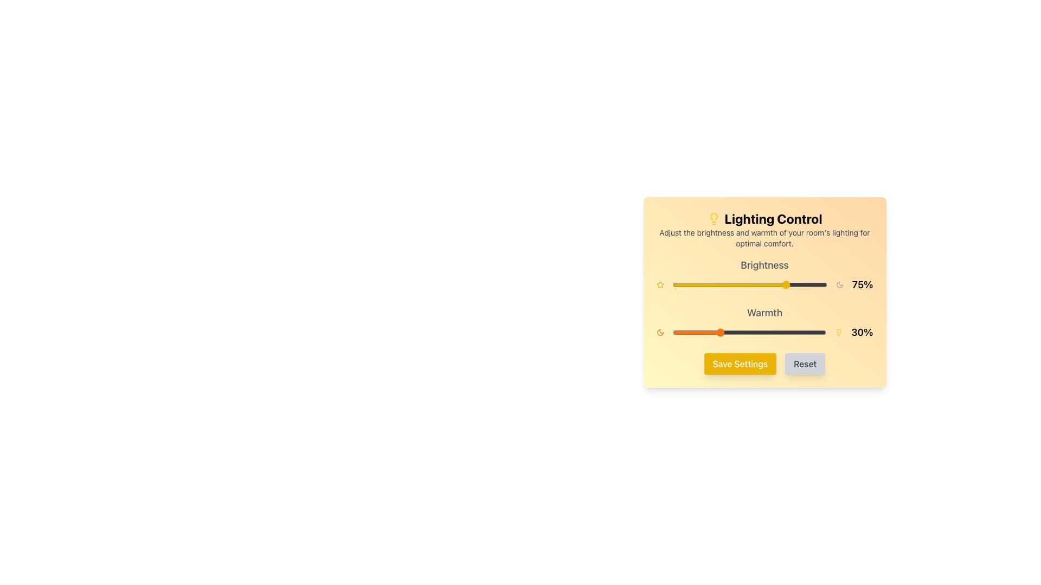 This screenshot has width=1041, height=585. I want to click on the warmth, so click(679, 331).